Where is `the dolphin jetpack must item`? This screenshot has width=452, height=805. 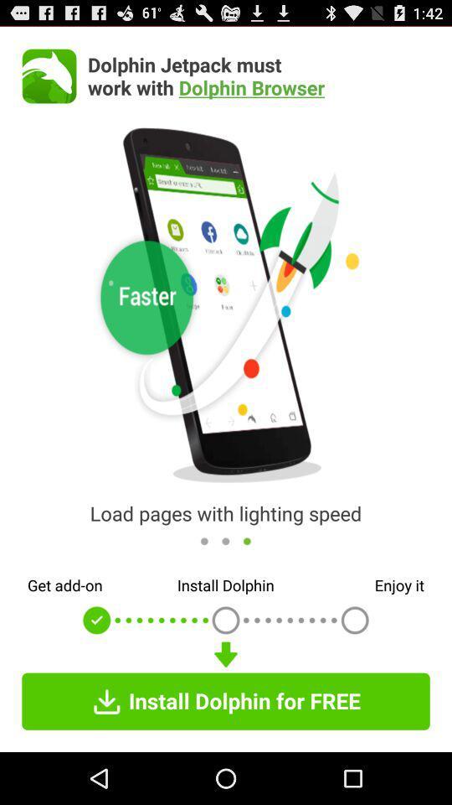 the dolphin jetpack must item is located at coordinates (259, 75).